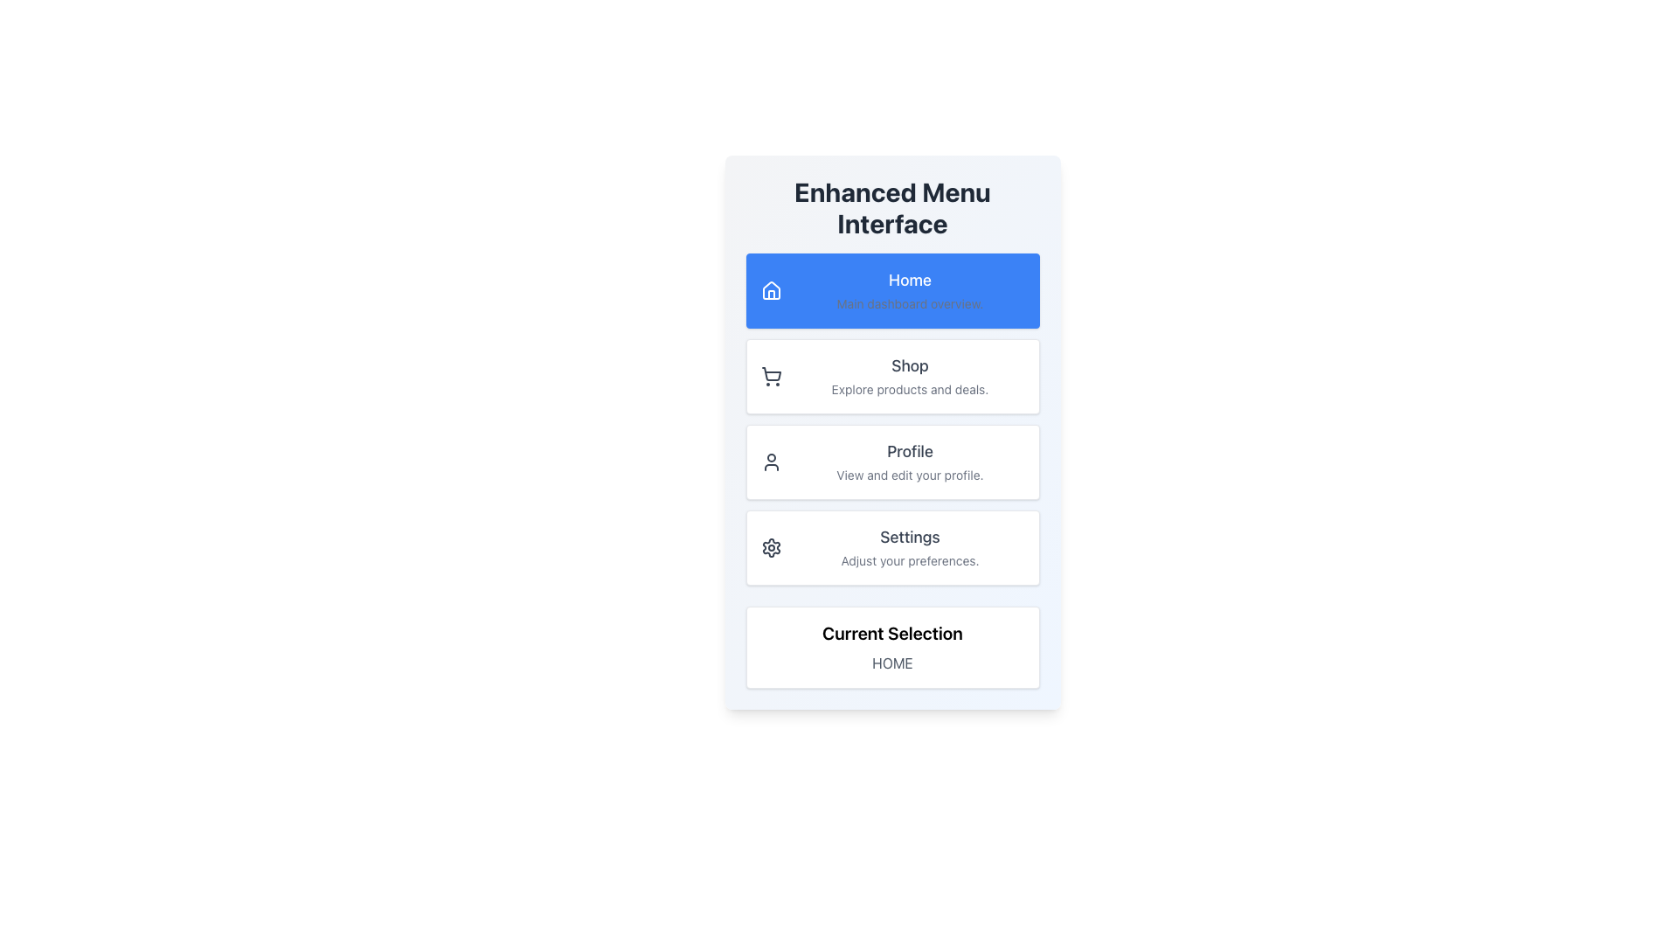 The image size is (1678, 944). What do you see at coordinates (909, 461) in the screenshot?
I see `the third card in the vertical list under 'Enhanced Menu Interface' labeled 'Profile', which has a bold title and a supporting description` at bounding box center [909, 461].